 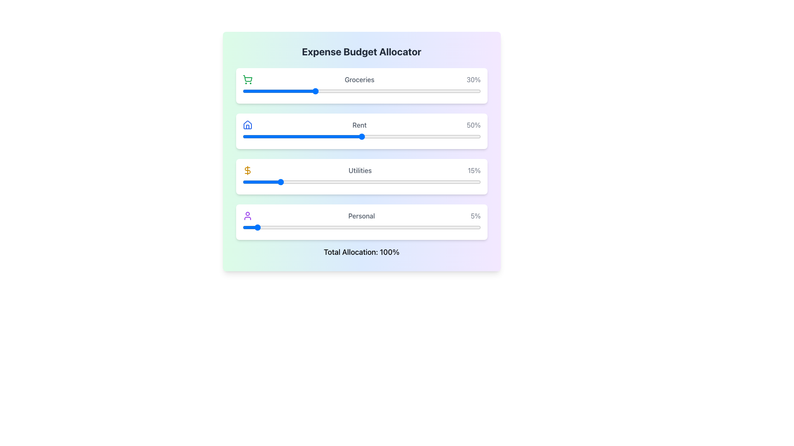 I want to click on text displayed on the Label indicating the percentage value (30%) for the 'Groceries' budget allocation, located at the top-right of the interface, so click(x=474, y=79).